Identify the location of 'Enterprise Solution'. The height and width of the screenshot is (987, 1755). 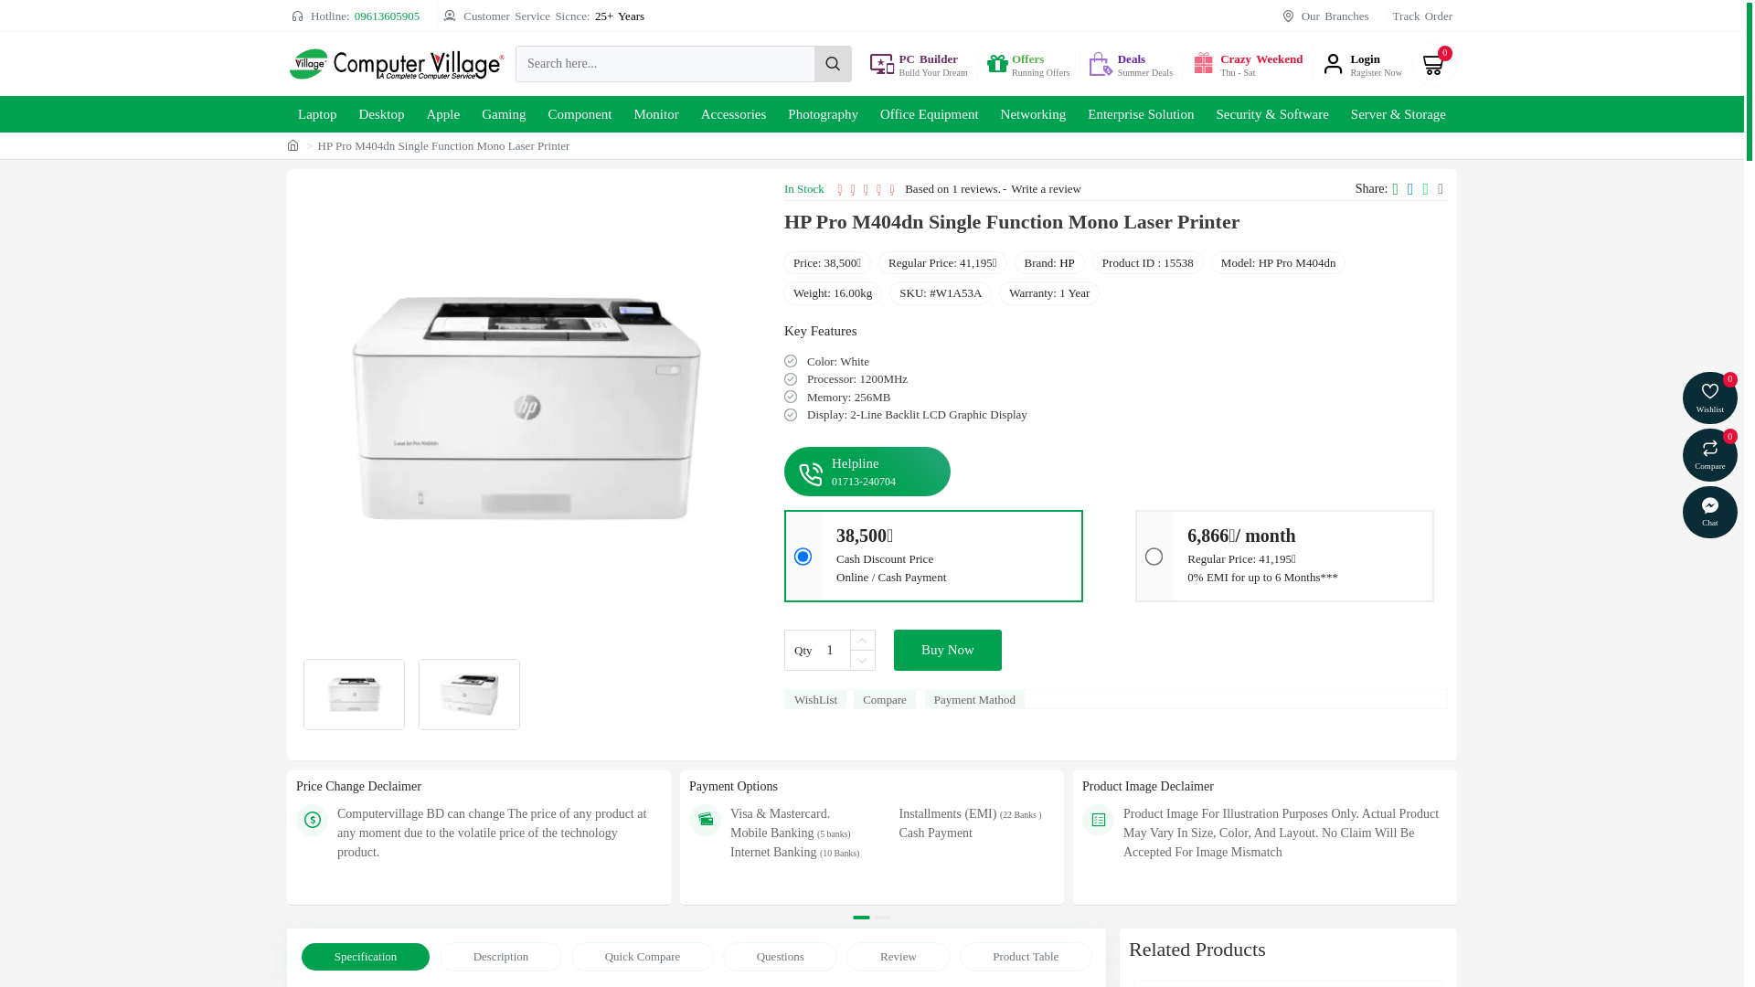
(1140, 113).